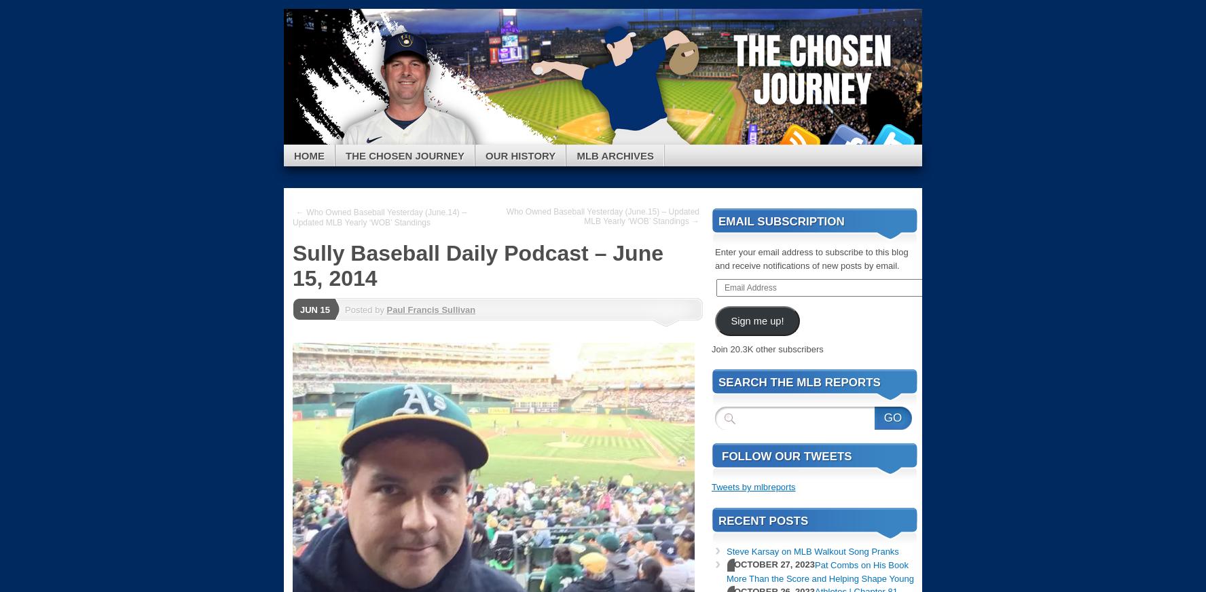 The height and width of the screenshot is (592, 1206). Describe the element at coordinates (293, 217) in the screenshot. I see `'← Who Owned Baseball Yesterday (June.14) – Updated MLB Yearly ‘WOB’ Standings'` at that location.